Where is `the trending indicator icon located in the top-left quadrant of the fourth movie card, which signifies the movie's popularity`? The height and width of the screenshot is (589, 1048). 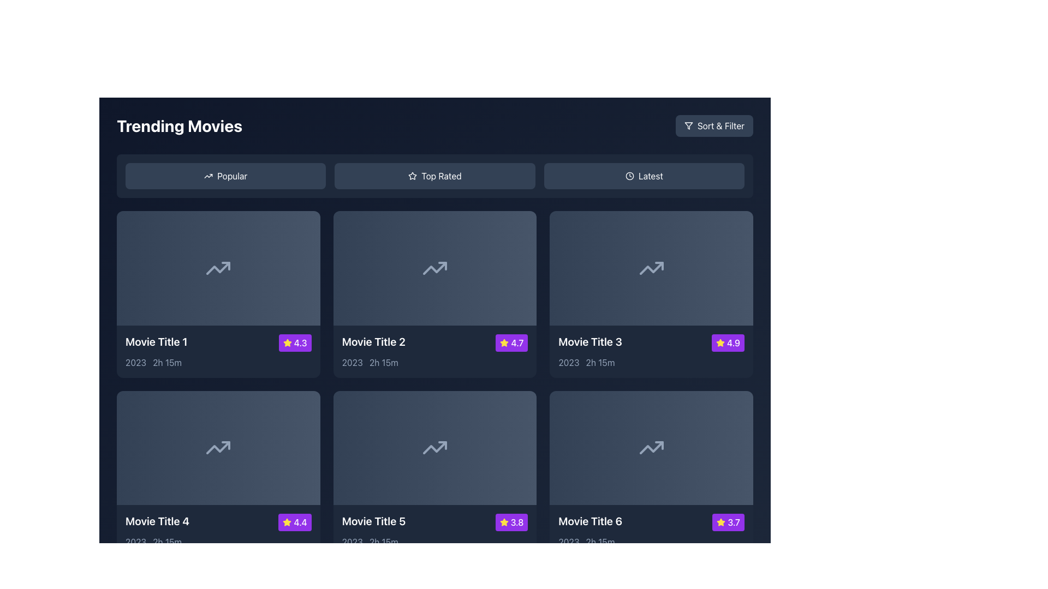
the trending indicator icon located in the top-left quadrant of the fourth movie card, which signifies the movie's popularity is located at coordinates (218, 448).